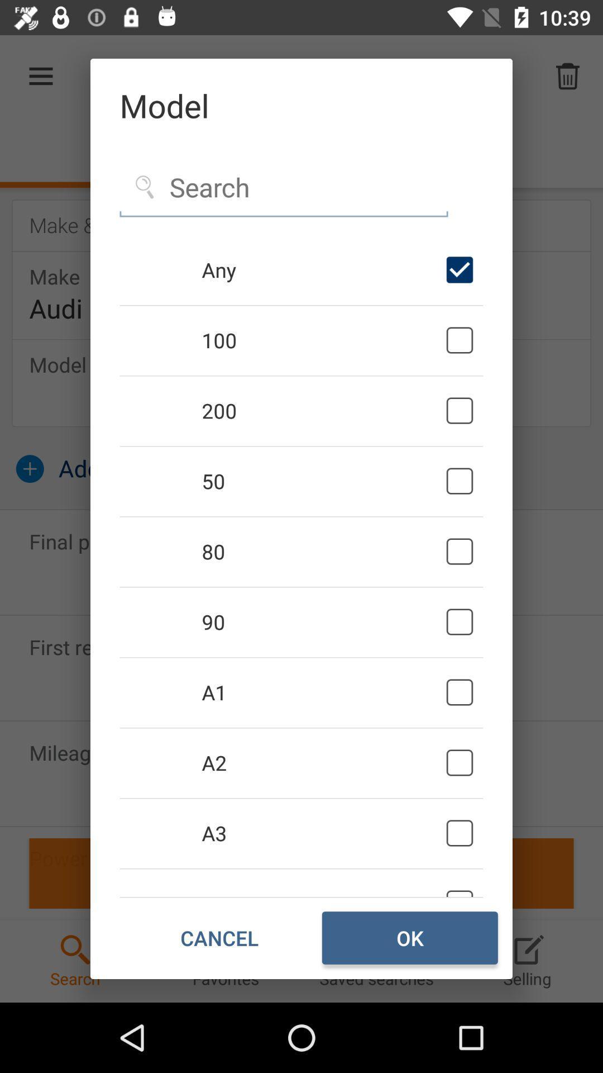 This screenshot has height=1073, width=603. What do you see at coordinates (322, 340) in the screenshot?
I see `icon above 200 item` at bounding box center [322, 340].